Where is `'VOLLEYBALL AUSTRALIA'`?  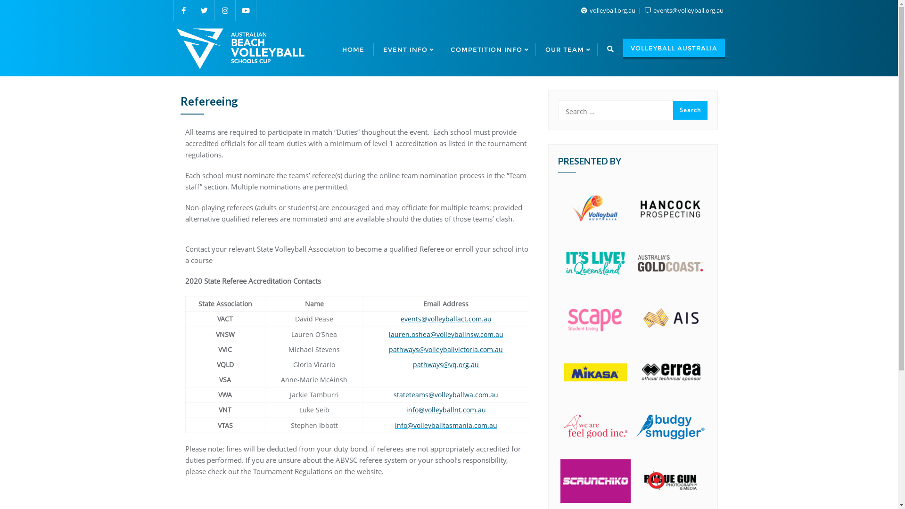
'VOLLEYBALL AUSTRALIA' is located at coordinates (674, 49).